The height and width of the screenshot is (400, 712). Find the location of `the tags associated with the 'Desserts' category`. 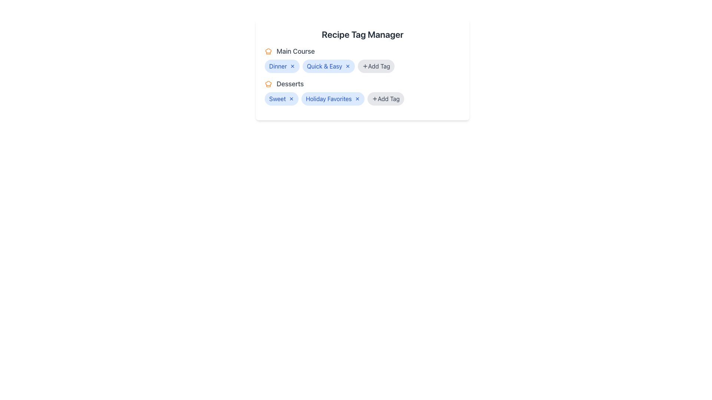

the tags associated with the 'Desserts' category is located at coordinates (363, 98).